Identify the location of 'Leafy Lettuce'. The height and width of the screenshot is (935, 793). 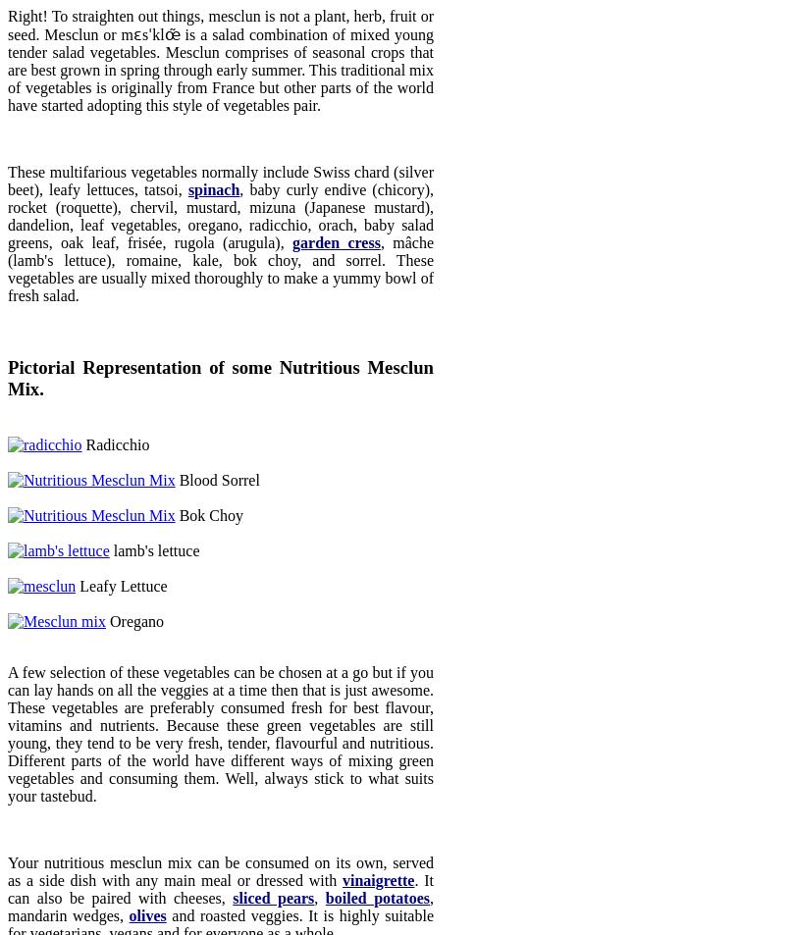
(120, 585).